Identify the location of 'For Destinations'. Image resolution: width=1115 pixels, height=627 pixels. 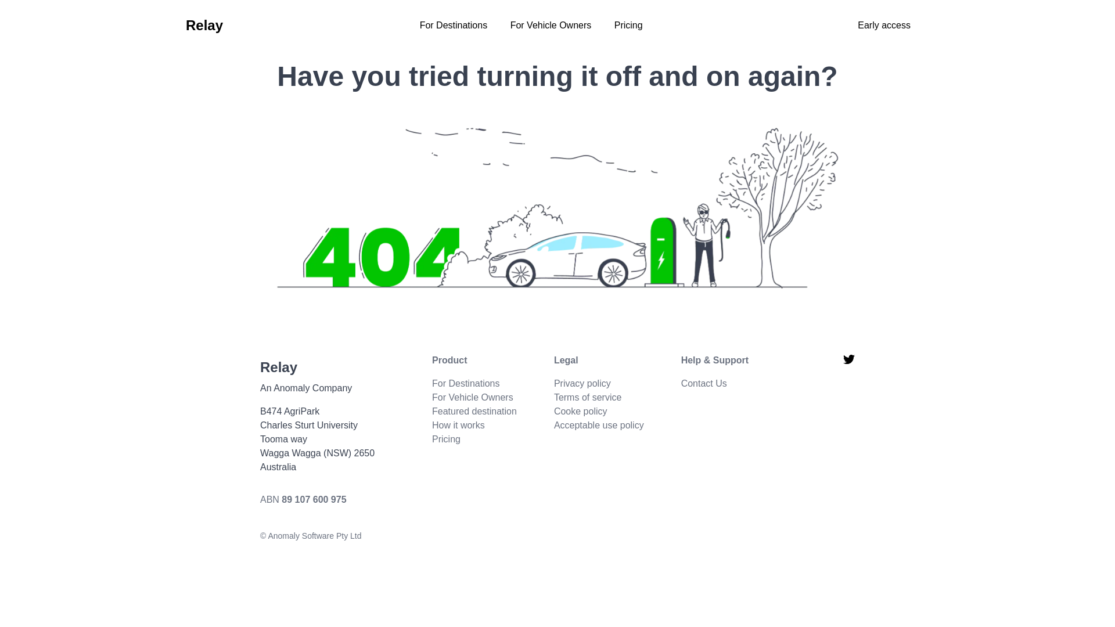
(466, 383).